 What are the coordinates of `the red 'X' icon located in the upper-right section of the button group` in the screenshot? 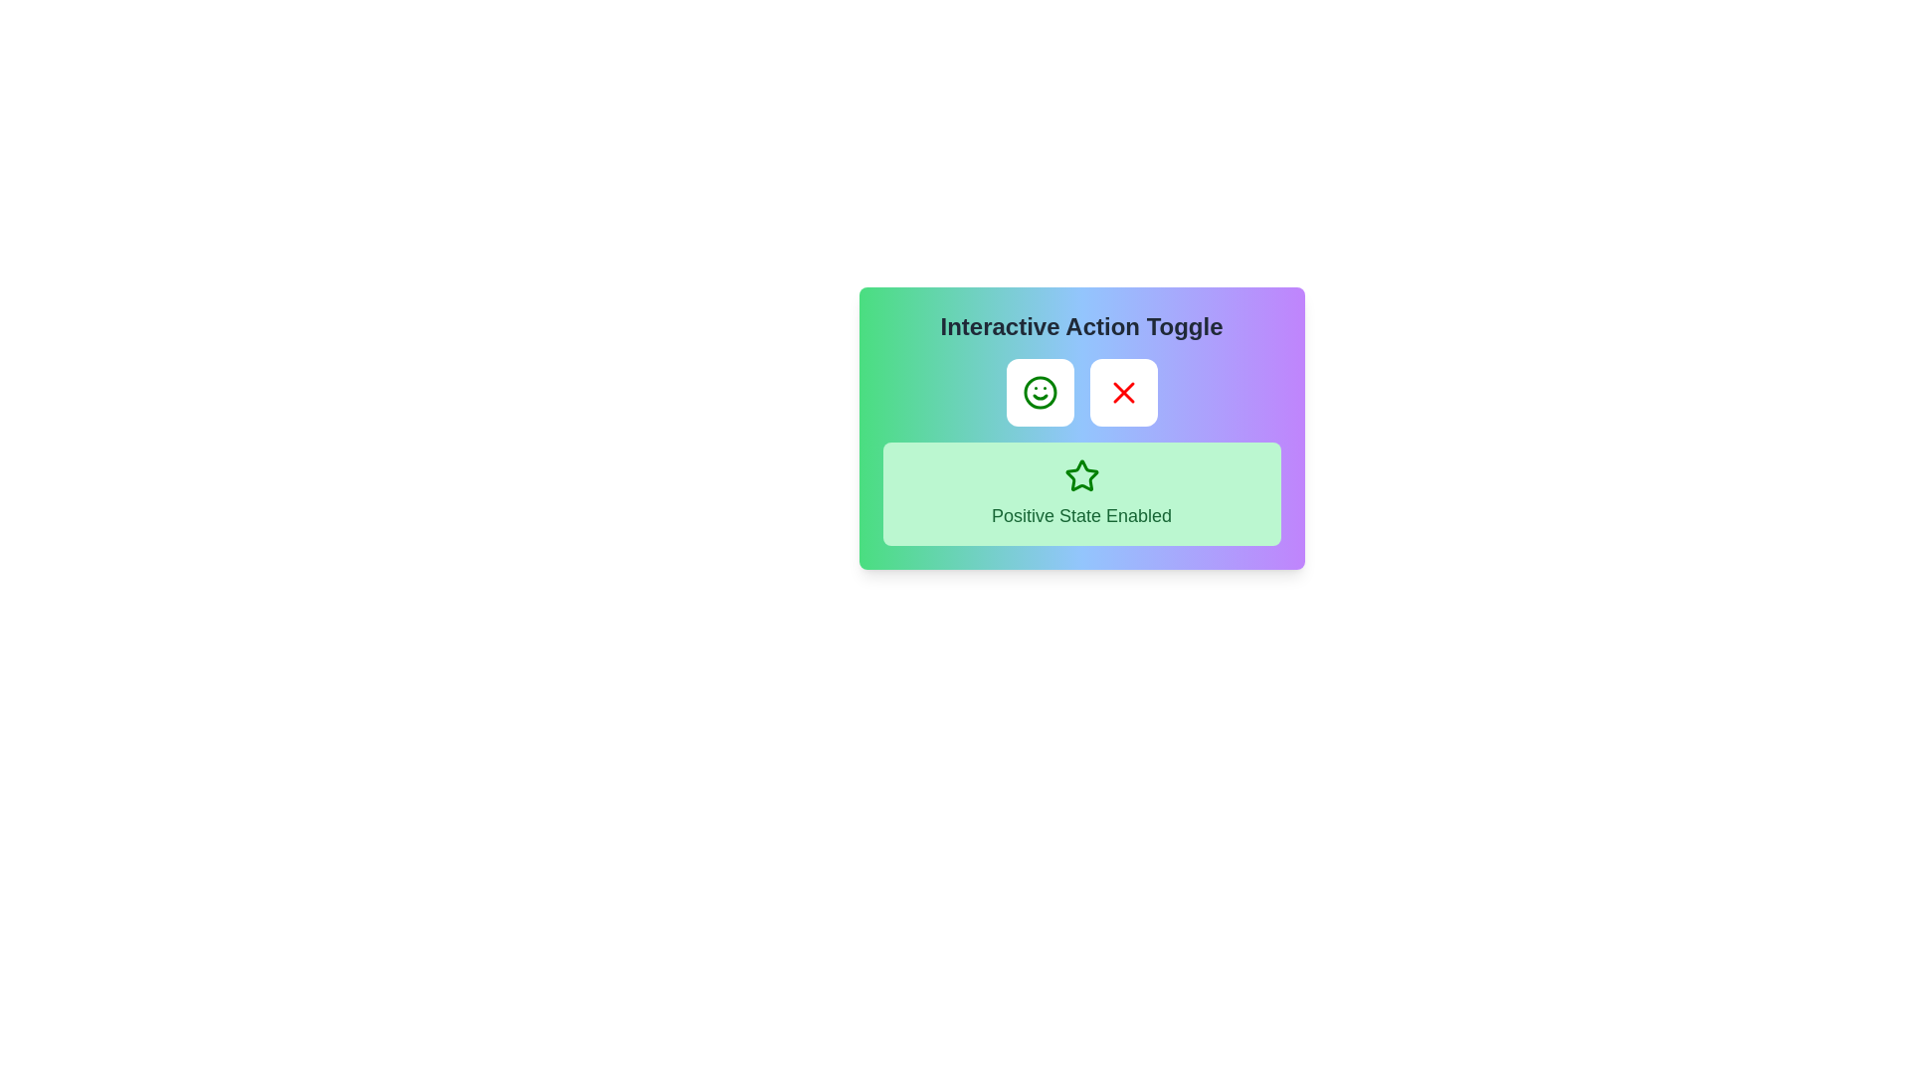 It's located at (1123, 392).